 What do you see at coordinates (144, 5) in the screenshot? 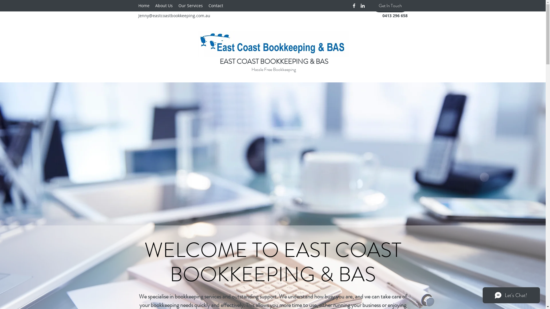
I see `'Home'` at bounding box center [144, 5].